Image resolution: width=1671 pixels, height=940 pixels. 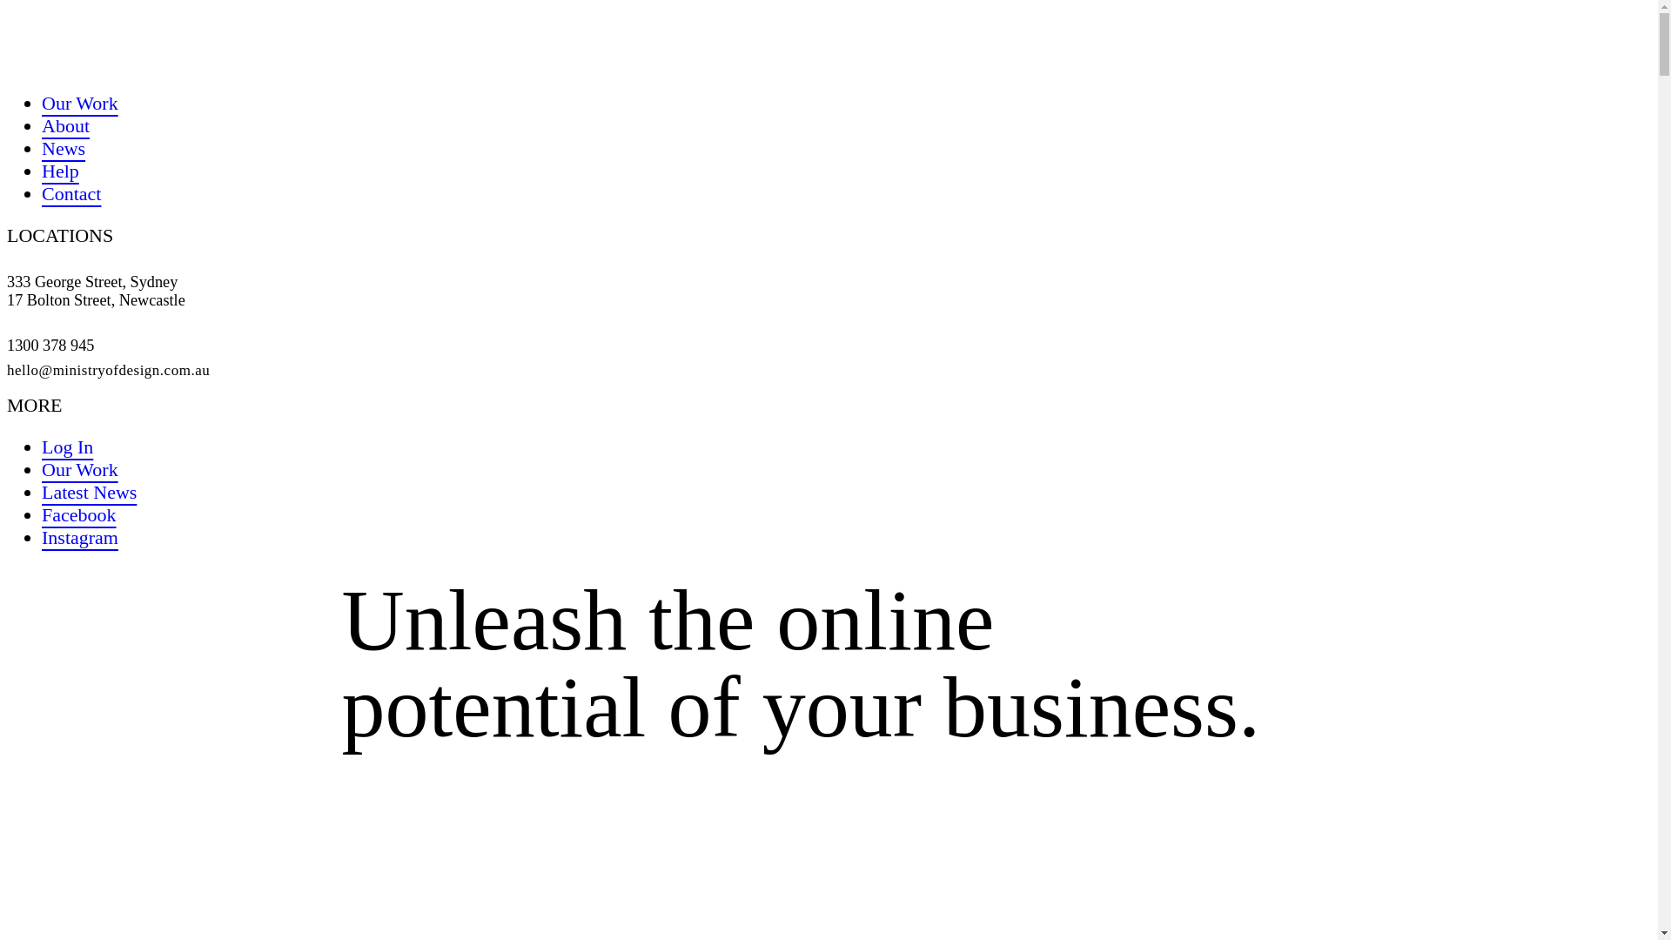 What do you see at coordinates (42, 446) in the screenshot?
I see `'Log In'` at bounding box center [42, 446].